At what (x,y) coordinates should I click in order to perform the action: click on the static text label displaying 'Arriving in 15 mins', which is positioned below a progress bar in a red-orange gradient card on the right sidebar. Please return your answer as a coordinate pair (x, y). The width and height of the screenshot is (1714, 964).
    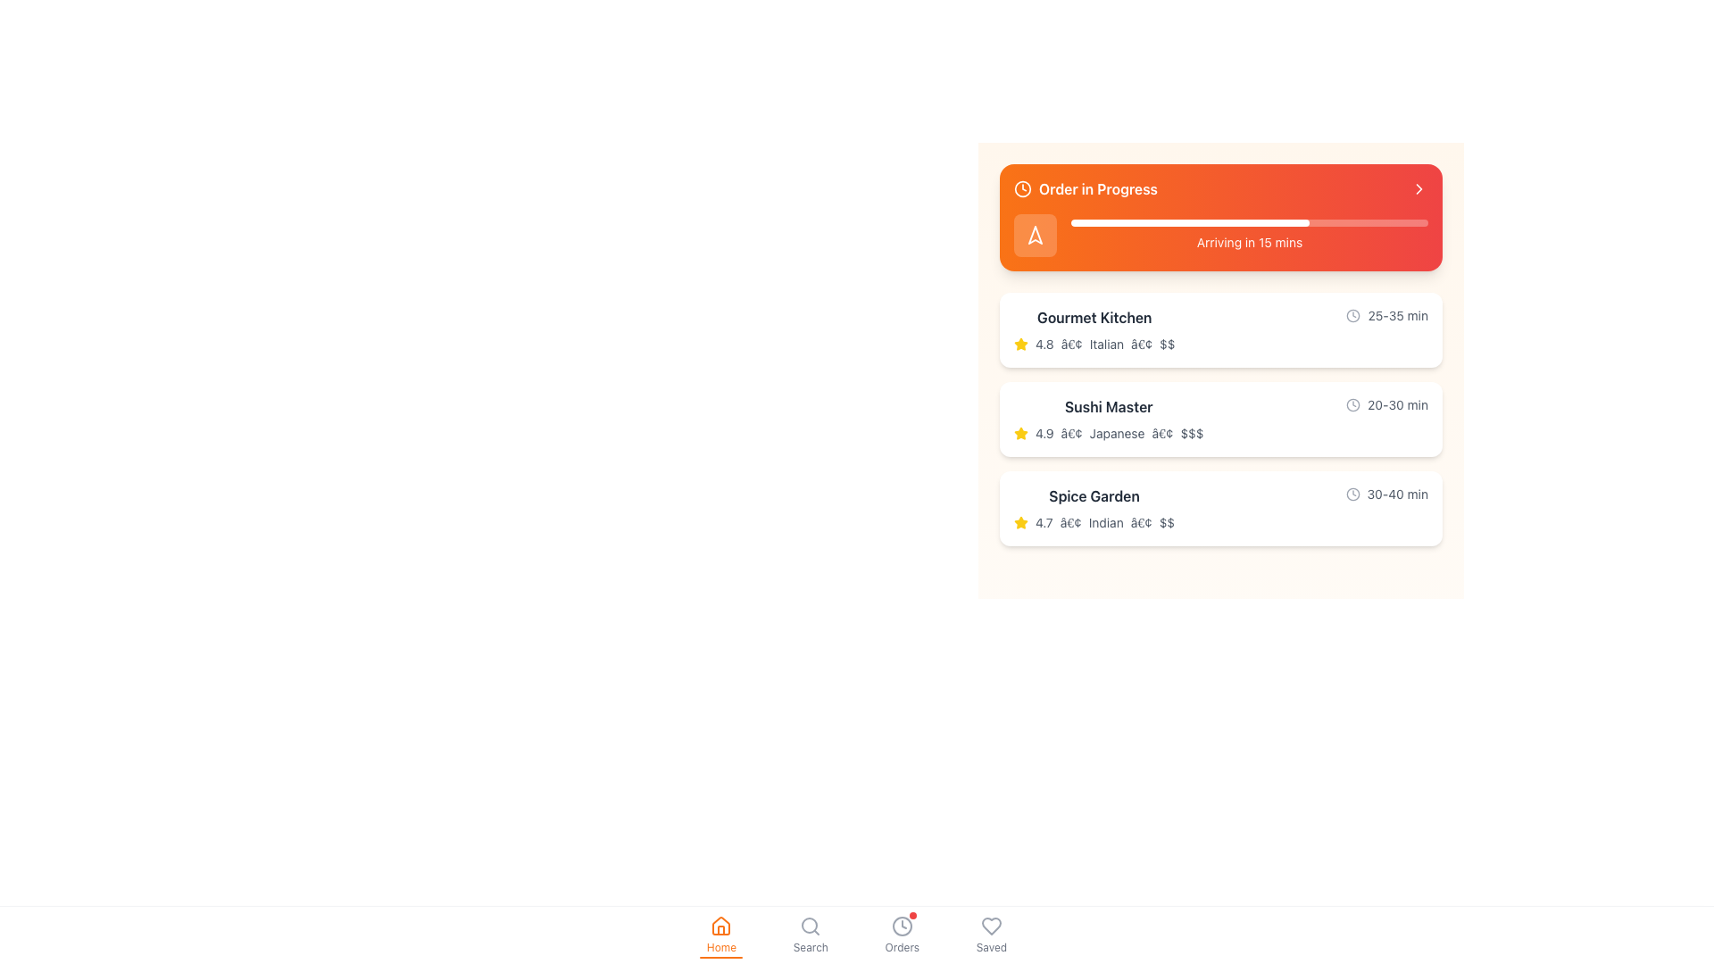
    Looking at the image, I should click on (1249, 243).